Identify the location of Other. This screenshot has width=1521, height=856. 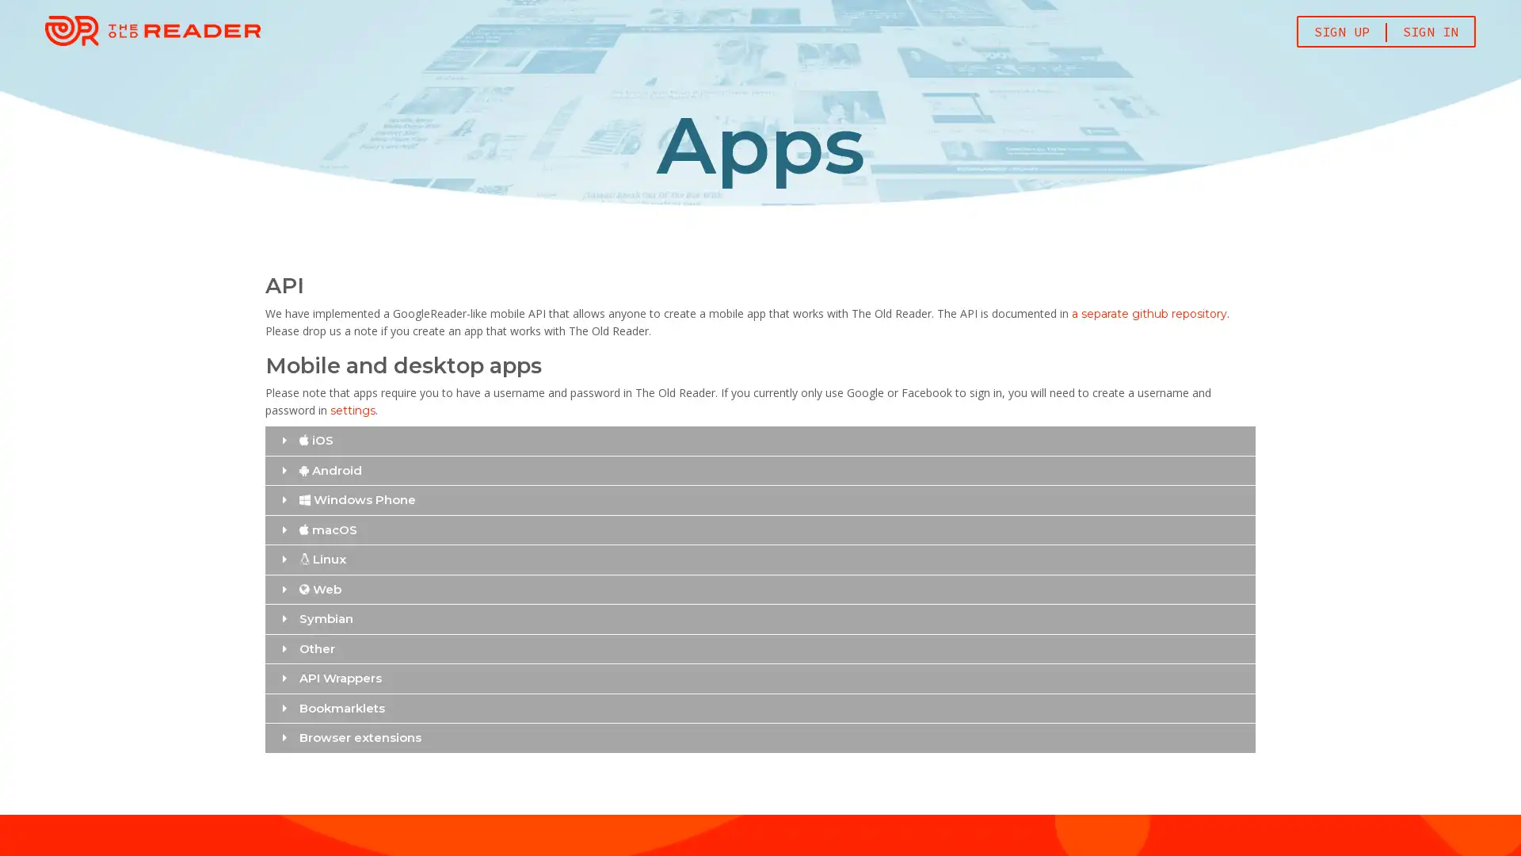
(759, 648).